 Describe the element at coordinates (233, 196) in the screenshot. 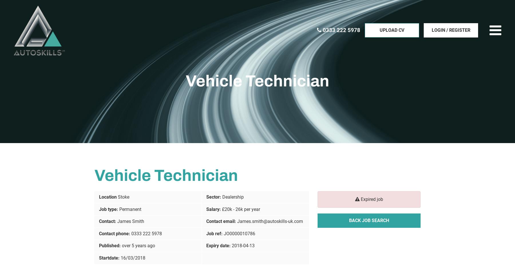

I see `'Dealership'` at that location.